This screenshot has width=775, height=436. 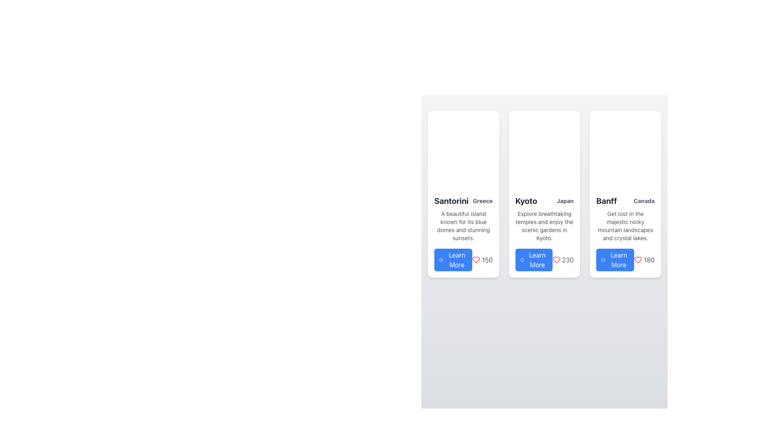 I want to click on the 'Learn More' button, which has a blue background and white text, located in the card for 'Santorini Greece', so click(x=453, y=260).